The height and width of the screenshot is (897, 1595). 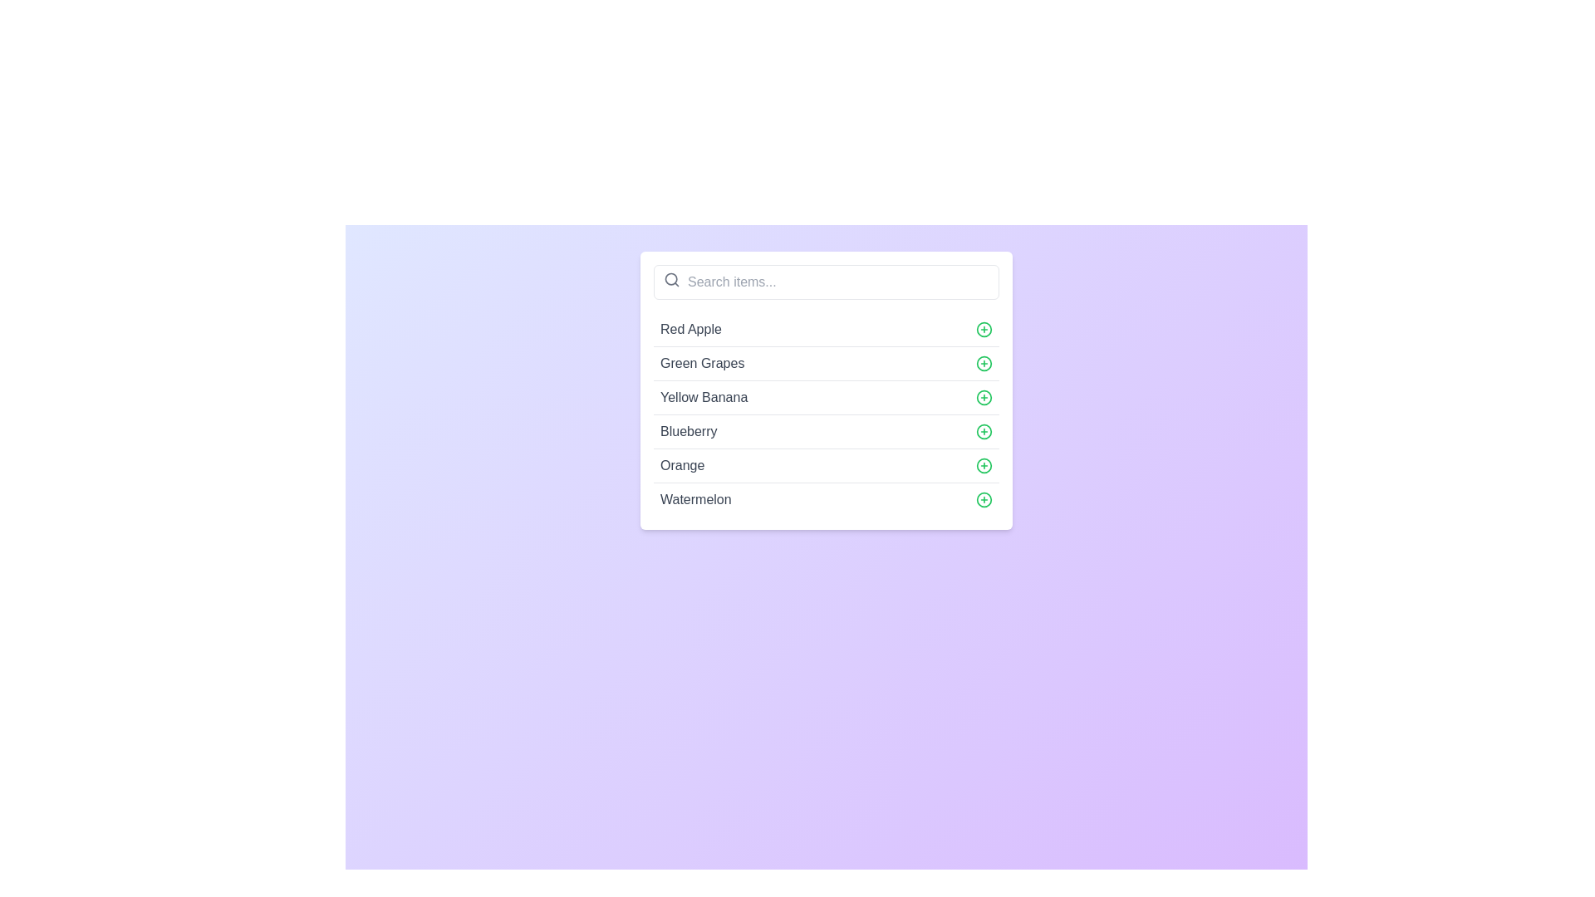 I want to click on the selectable list item labeled 'Orange' which is the fifth item in the dropdown menu, so click(x=826, y=464).